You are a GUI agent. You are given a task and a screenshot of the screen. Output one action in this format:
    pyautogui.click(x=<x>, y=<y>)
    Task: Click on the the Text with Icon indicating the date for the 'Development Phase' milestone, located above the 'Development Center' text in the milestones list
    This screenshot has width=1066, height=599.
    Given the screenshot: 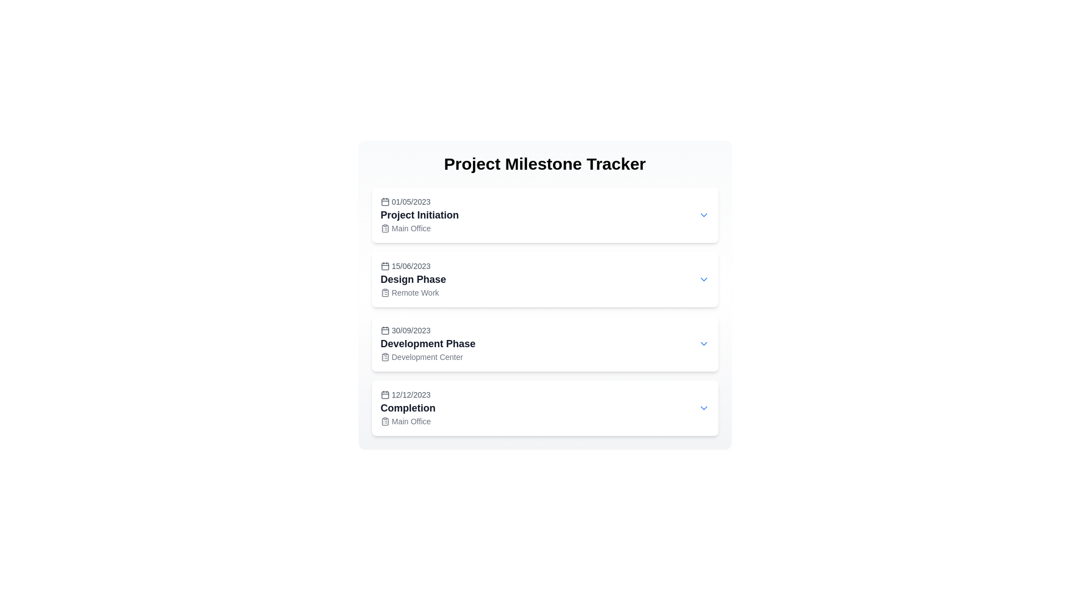 What is the action you would take?
    pyautogui.click(x=428, y=330)
    